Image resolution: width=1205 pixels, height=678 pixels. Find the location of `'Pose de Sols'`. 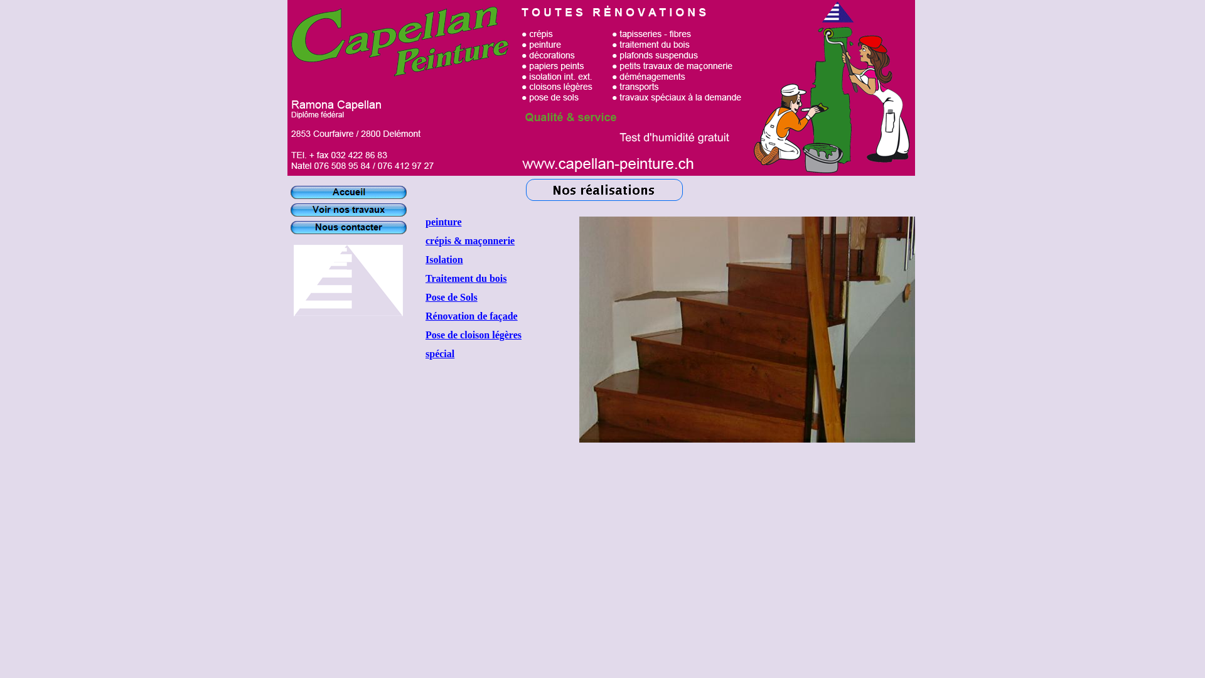

'Pose de Sols' is located at coordinates (425, 297).